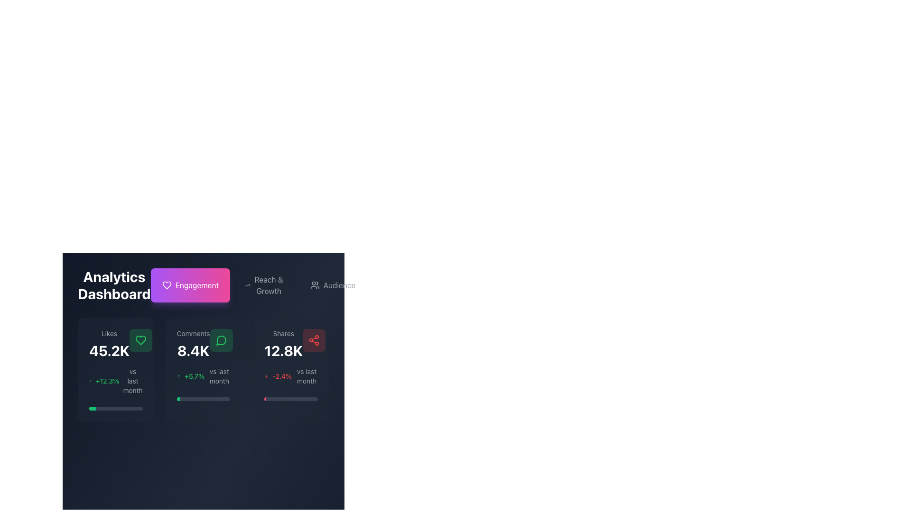 The width and height of the screenshot is (911, 512). Describe the element at coordinates (203, 284) in the screenshot. I see `the interactive menu bar button` at that location.